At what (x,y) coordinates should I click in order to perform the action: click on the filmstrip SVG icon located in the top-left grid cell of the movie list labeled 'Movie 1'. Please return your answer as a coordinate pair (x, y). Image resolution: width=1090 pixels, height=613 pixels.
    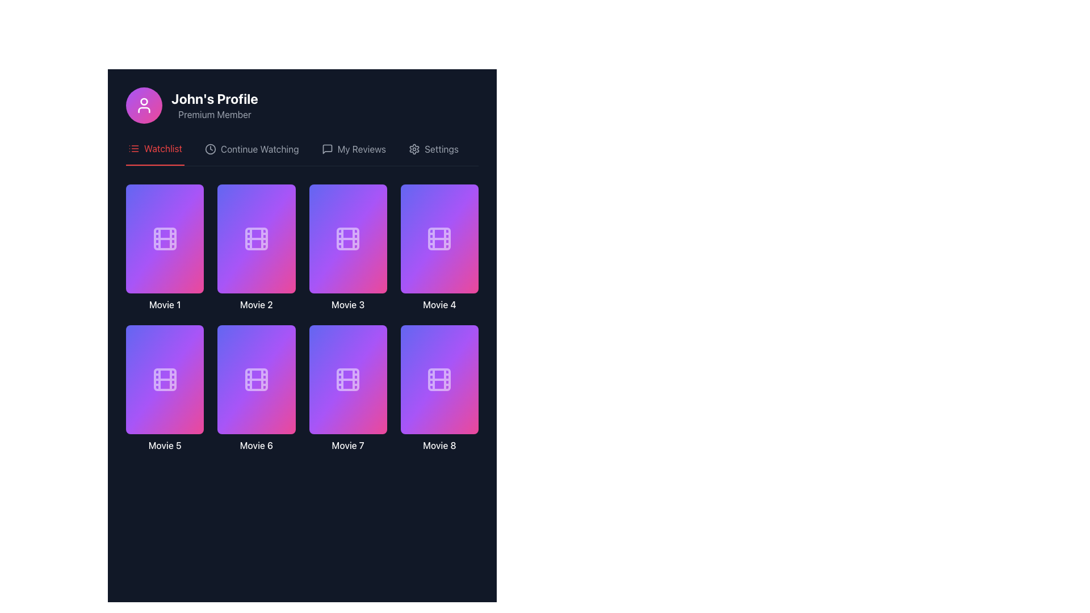
    Looking at the image, I should click on (164, 238).